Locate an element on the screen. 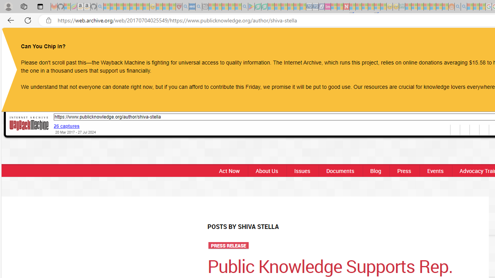 This screenshot has width=495, height=278. 'Events' is located at coordinates (435, 170).